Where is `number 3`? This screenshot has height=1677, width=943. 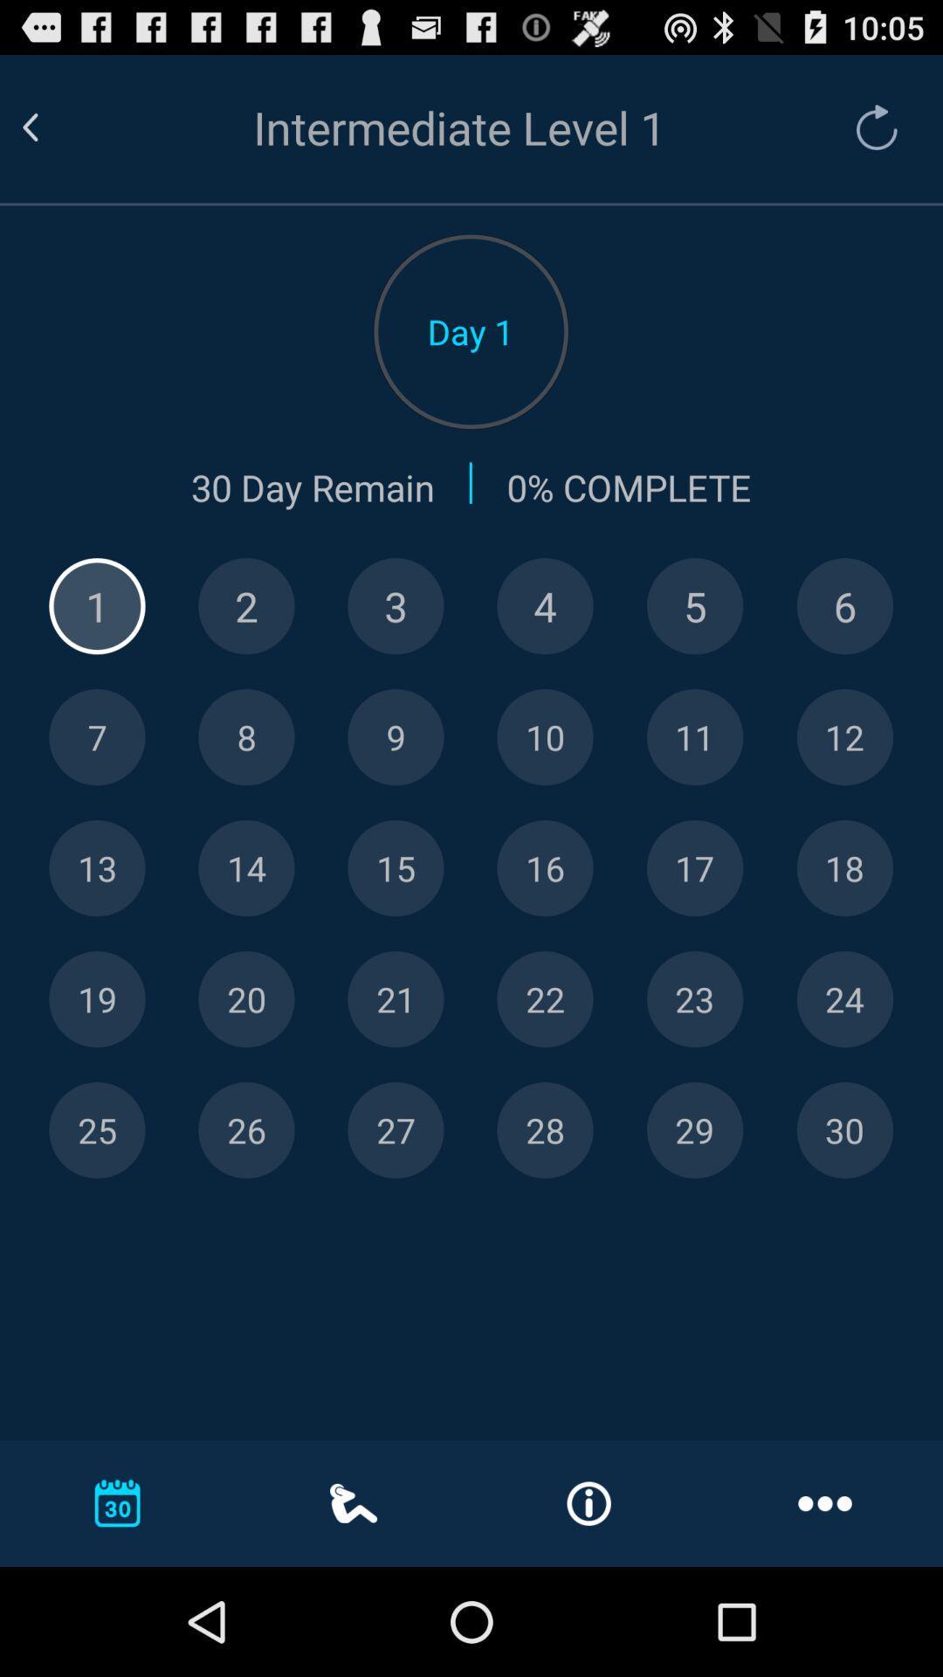
number 3 is located at coordinates (396, 606).